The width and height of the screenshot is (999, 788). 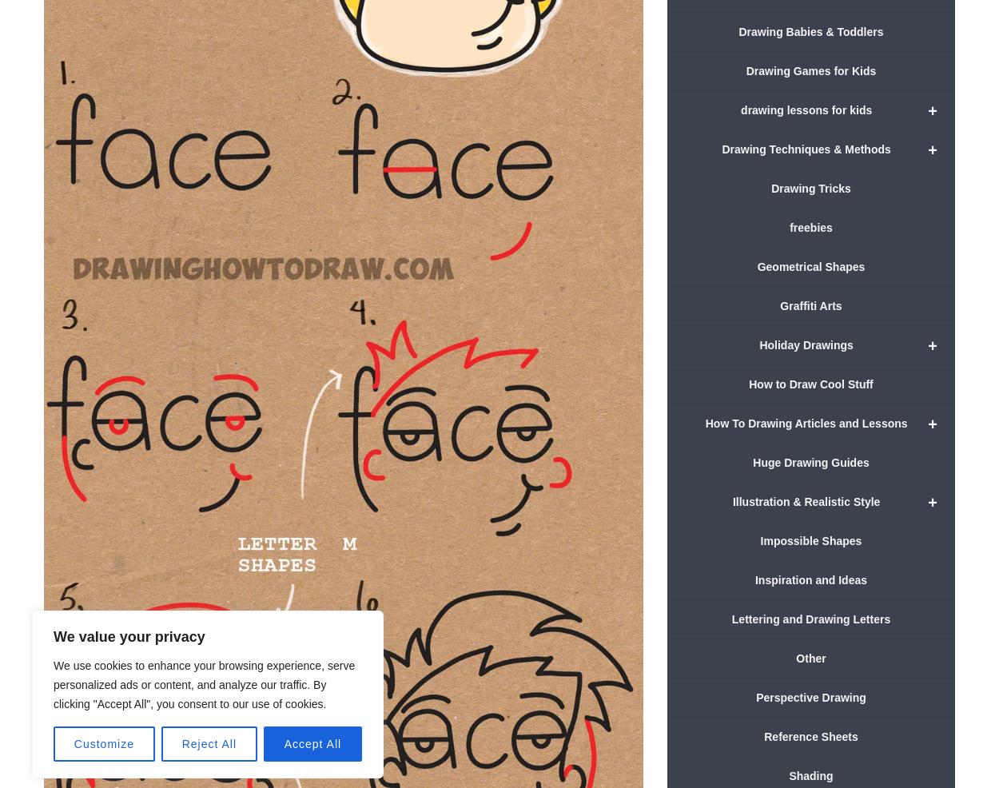 I want to click on 'Graffiti Arts', so click(x=810, y=304).